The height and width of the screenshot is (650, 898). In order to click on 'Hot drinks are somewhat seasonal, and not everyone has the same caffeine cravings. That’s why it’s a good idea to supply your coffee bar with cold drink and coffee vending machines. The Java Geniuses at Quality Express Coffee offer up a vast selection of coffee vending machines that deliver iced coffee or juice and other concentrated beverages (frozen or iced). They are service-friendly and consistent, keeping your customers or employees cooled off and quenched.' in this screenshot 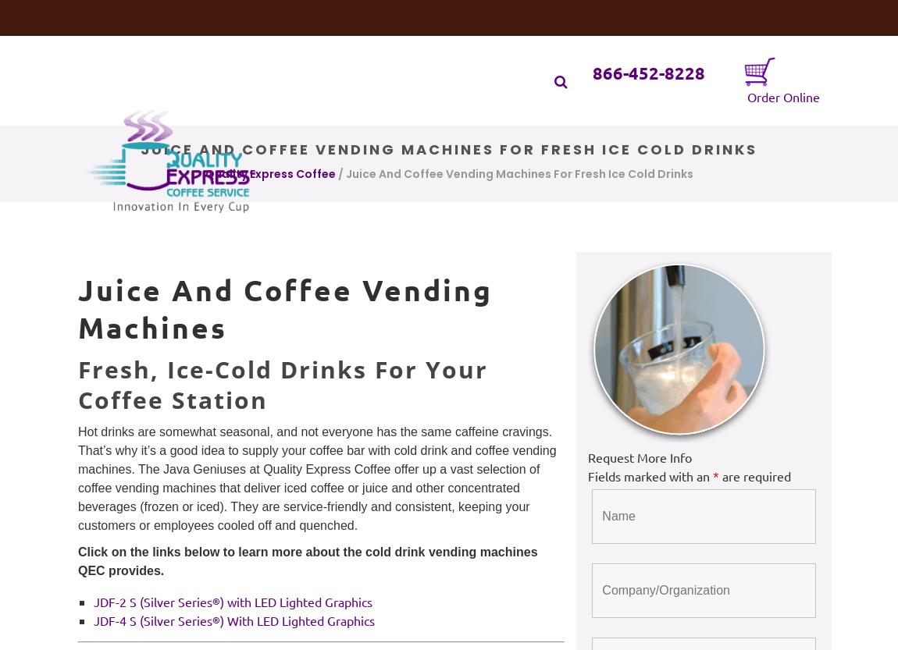, I will do `click(77, 478)`.